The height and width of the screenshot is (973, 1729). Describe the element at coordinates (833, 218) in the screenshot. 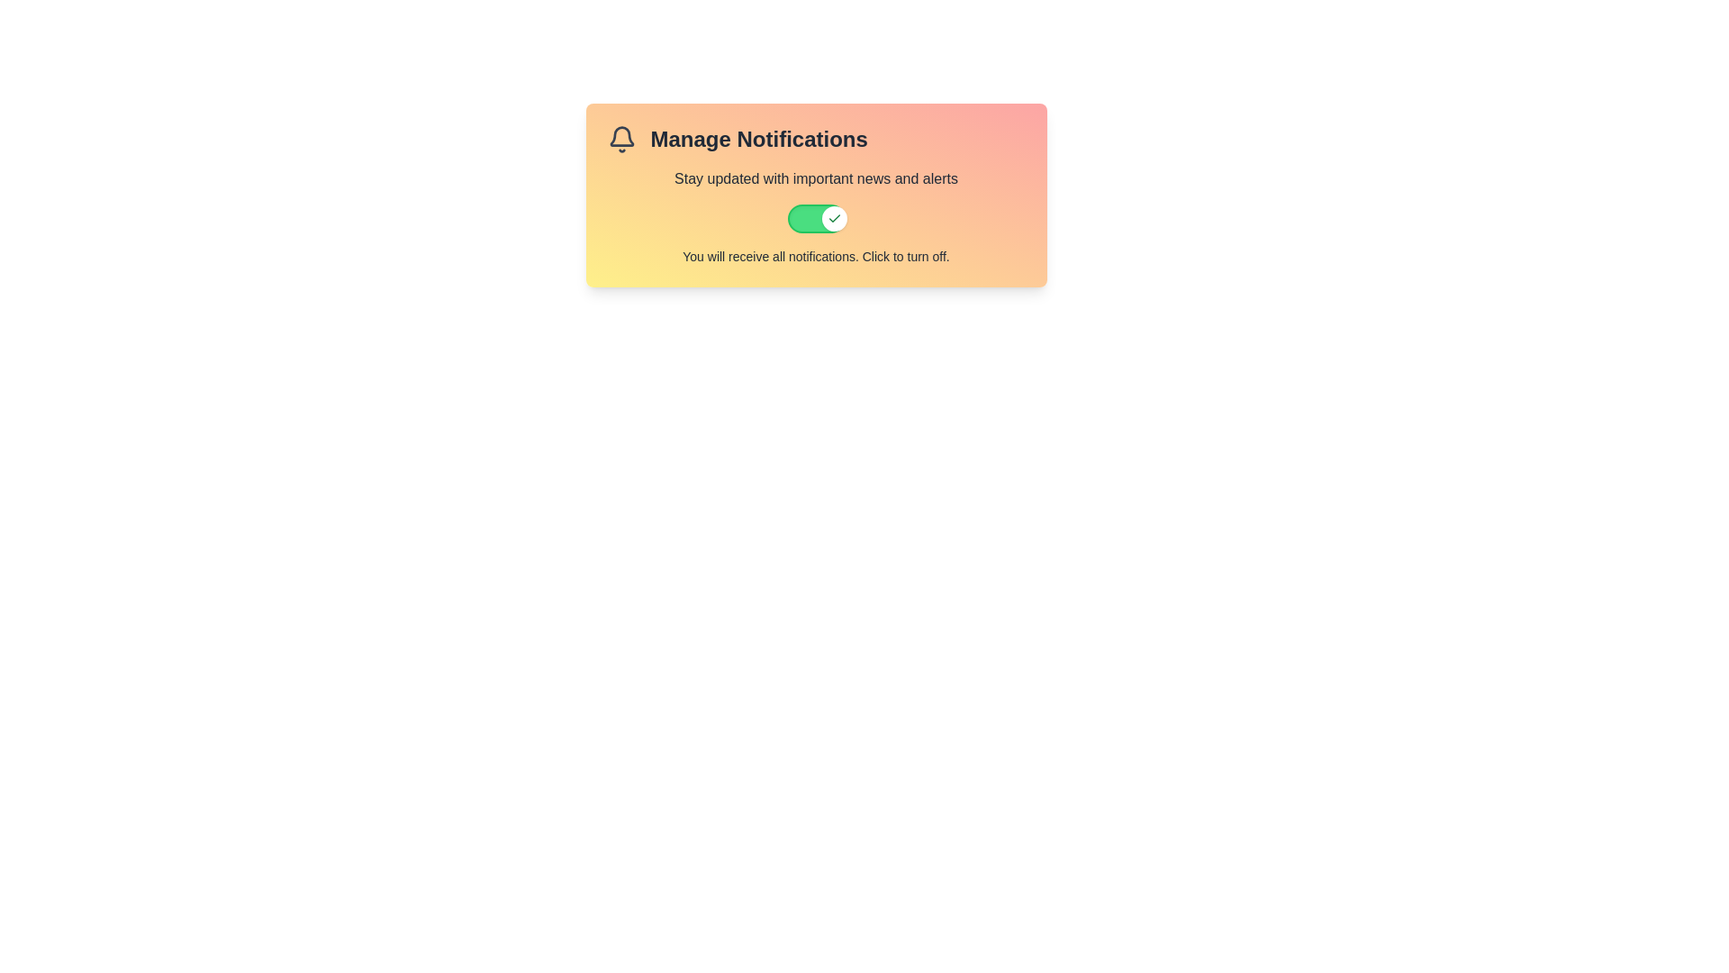

I see `the toggle knob button located on the right side of the switch control` at that location.